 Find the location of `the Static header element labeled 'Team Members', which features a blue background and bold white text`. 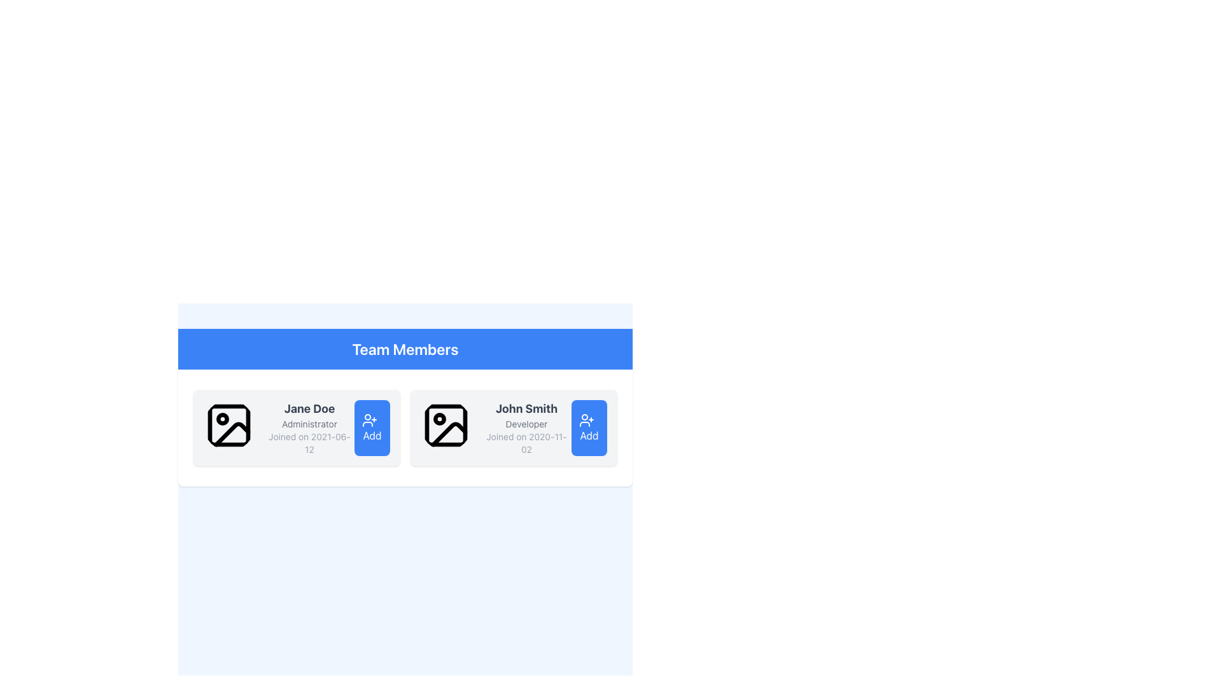

the Static header element labeled 'Team Members', which features a blue background and bold white text is located at coordinates (405, 349).